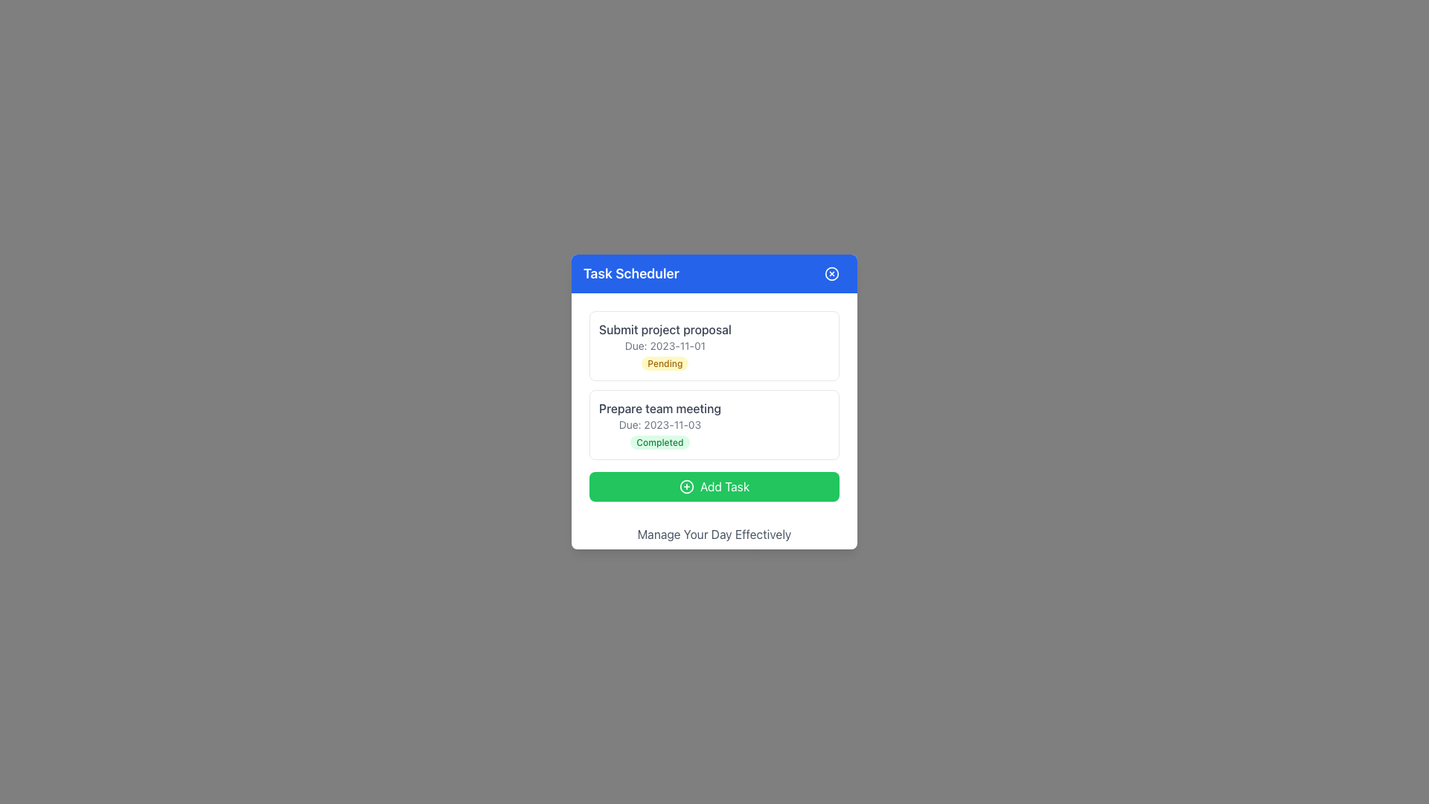  What do you see at coordinates (685, 487) in the screenshot?
I see `the addition icon located in the center of the green 'Add Task' button at the bottom of the task list panel` at bounding box center [685, 487].